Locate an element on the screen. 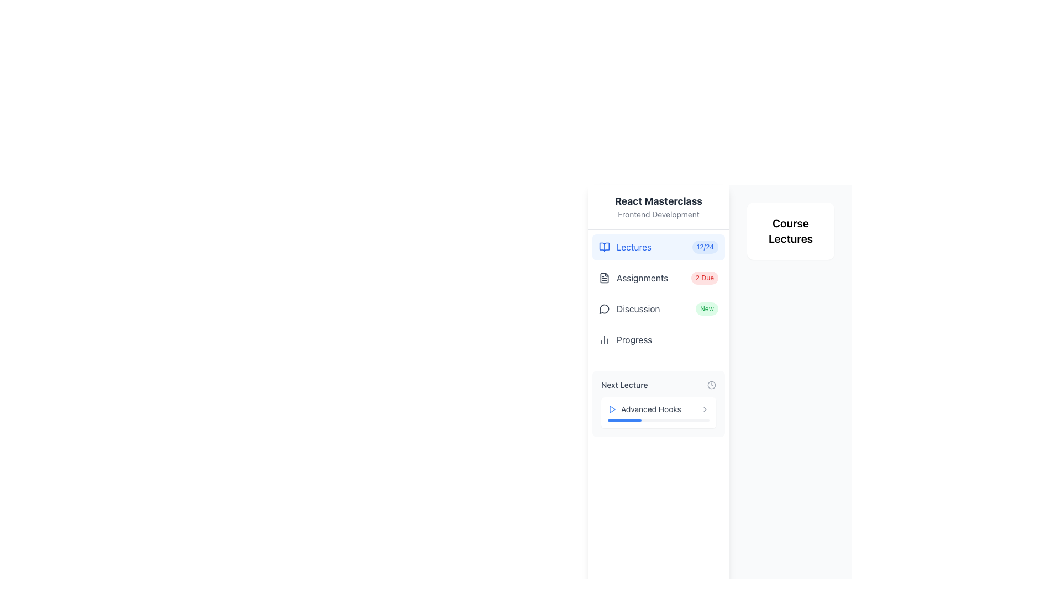 This screenshot has width=1061, height=596. the Informational panel indicating the next lecture is located at coordinates (658, 404).